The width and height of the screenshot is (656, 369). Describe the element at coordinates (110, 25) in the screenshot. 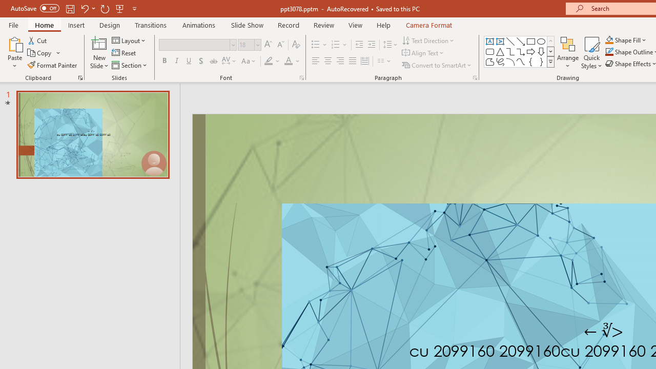

I see `'Design'` at that location.